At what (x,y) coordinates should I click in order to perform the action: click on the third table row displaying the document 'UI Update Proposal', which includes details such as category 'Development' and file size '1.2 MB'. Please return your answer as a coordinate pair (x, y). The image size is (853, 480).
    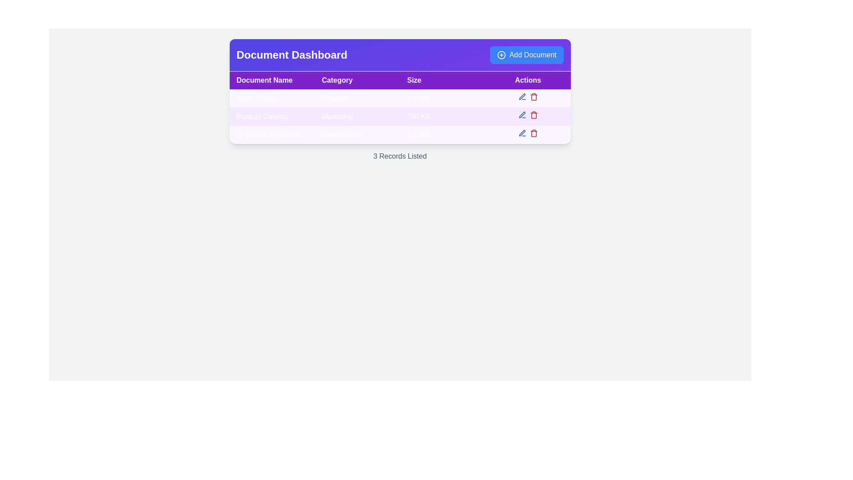
    Looking at the image, I should click on (399, 135).